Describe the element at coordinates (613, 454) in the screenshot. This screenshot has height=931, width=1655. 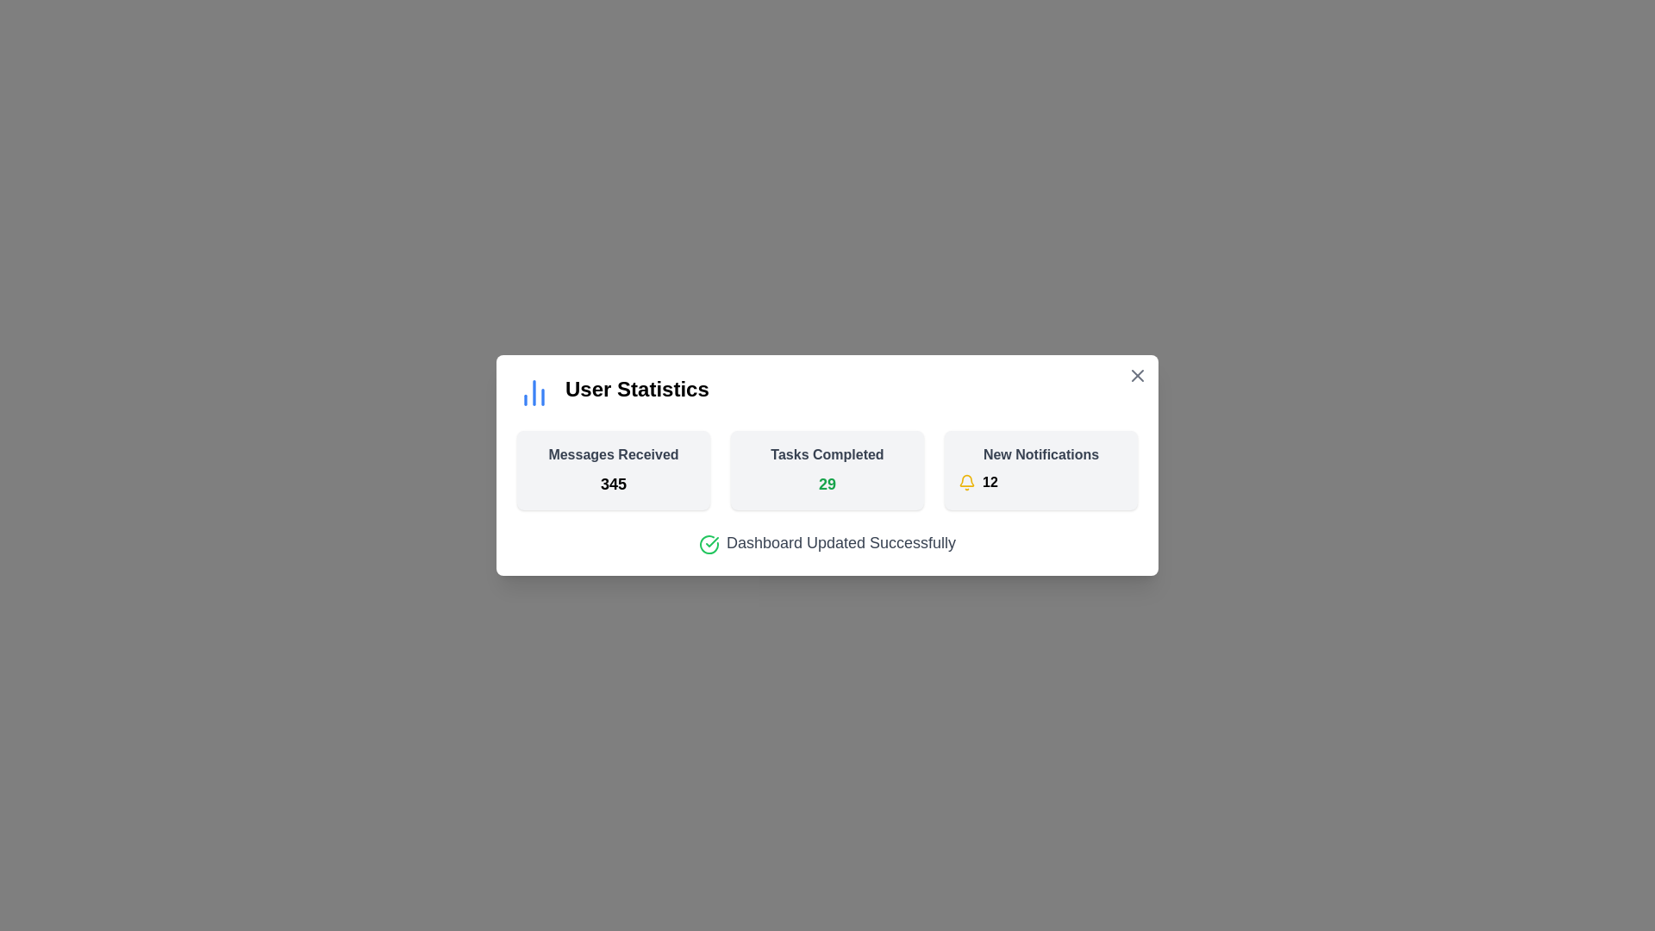
I see `the 'Messages Received' text label located at the top-left corner of its section, which serves as a descriptor for the numerical data displayed below it` at that location.